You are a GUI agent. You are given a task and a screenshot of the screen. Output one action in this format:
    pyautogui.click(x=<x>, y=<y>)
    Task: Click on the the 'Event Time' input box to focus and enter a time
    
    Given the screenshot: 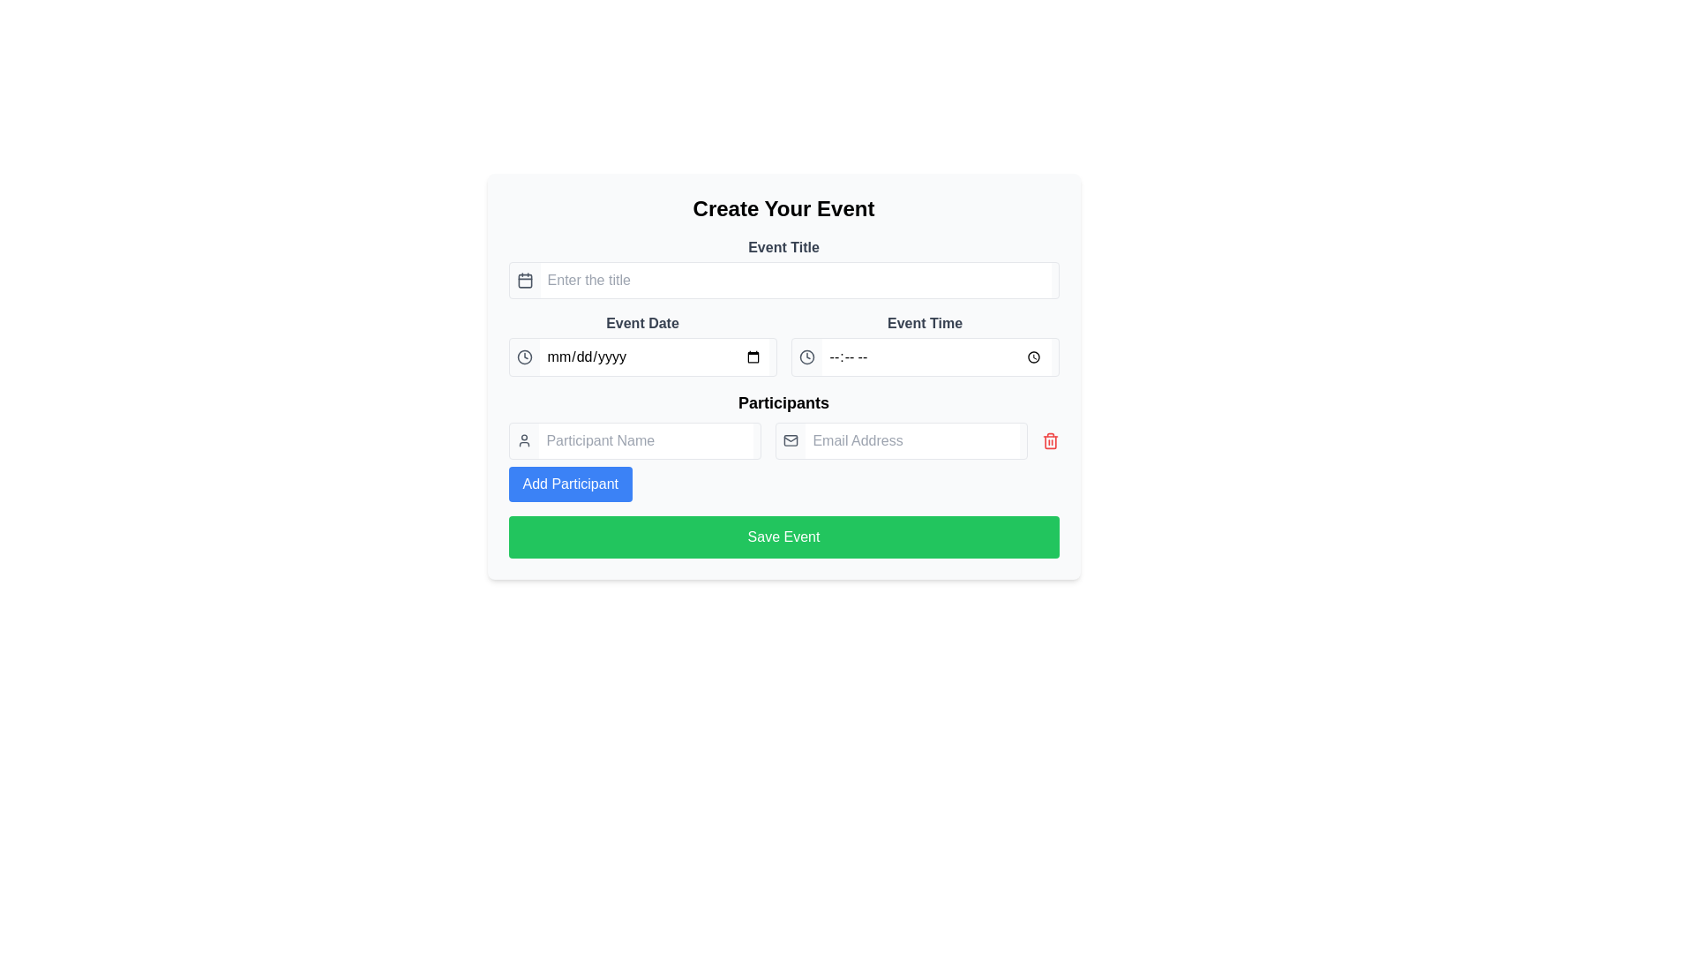 What is the action you would take?
    pyautogui.click(x=924, y=344)
    